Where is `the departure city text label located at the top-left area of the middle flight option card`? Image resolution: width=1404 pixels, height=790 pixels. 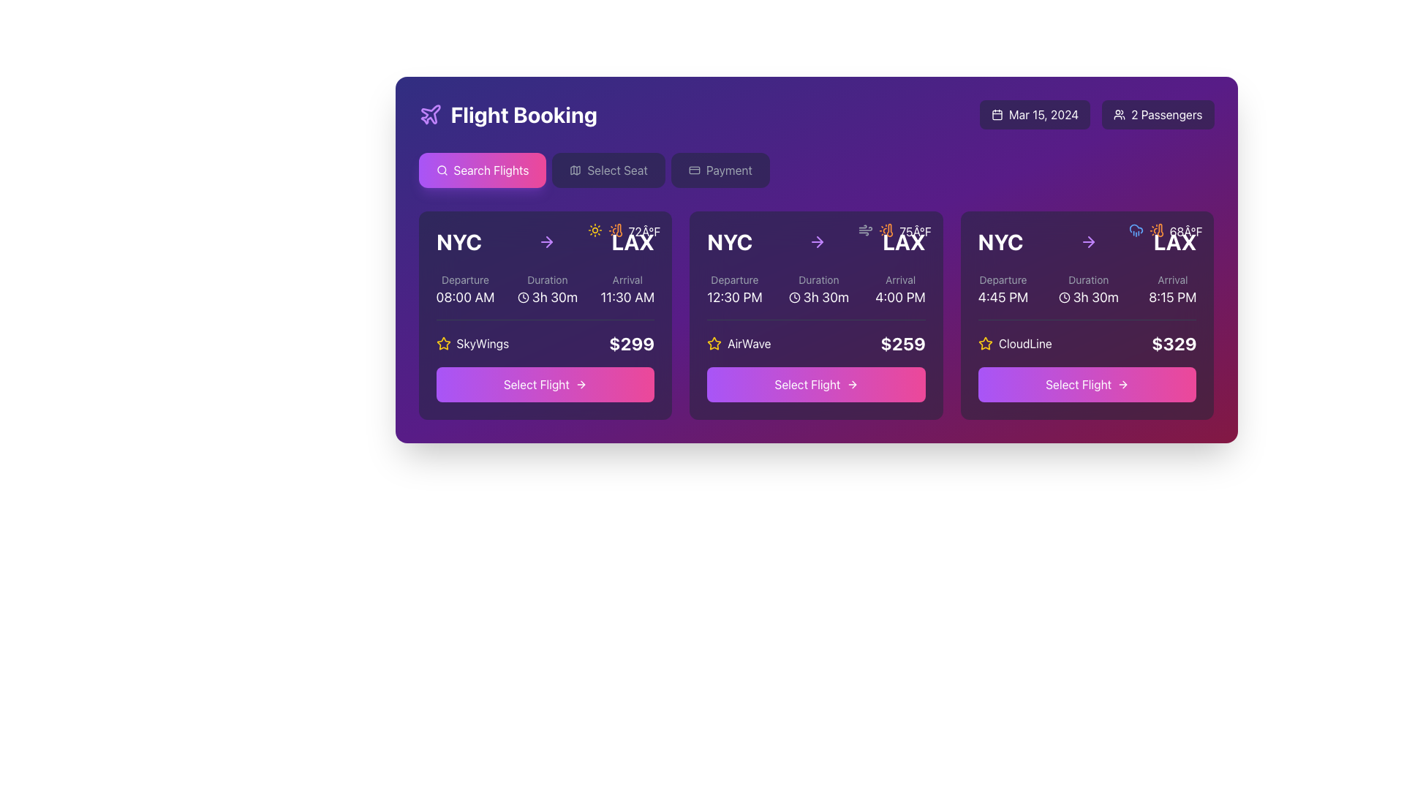
the departure city text label located at the top-left area of the middle flight option card is located at coordinates (730, 241).